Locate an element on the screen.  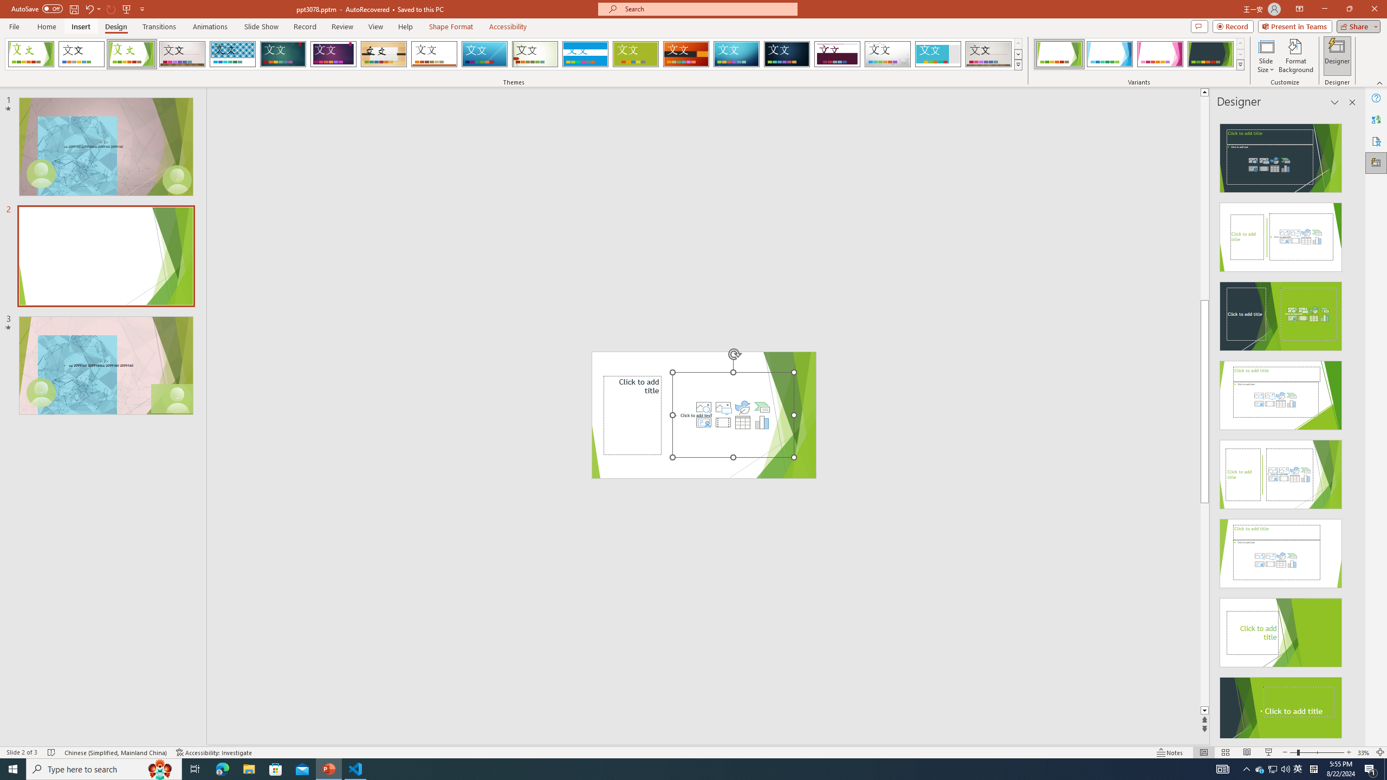
'Basis' is located at coordinates (636, 54).